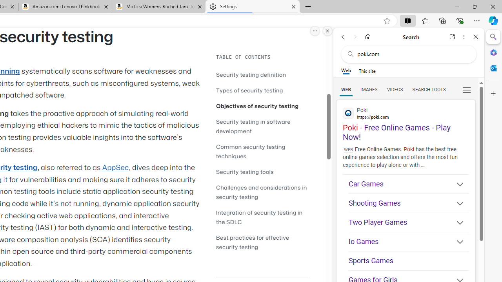  Describe the element at coordinates (457, 242) in the screenshot. I see `'Show More Io Games'` at that location.